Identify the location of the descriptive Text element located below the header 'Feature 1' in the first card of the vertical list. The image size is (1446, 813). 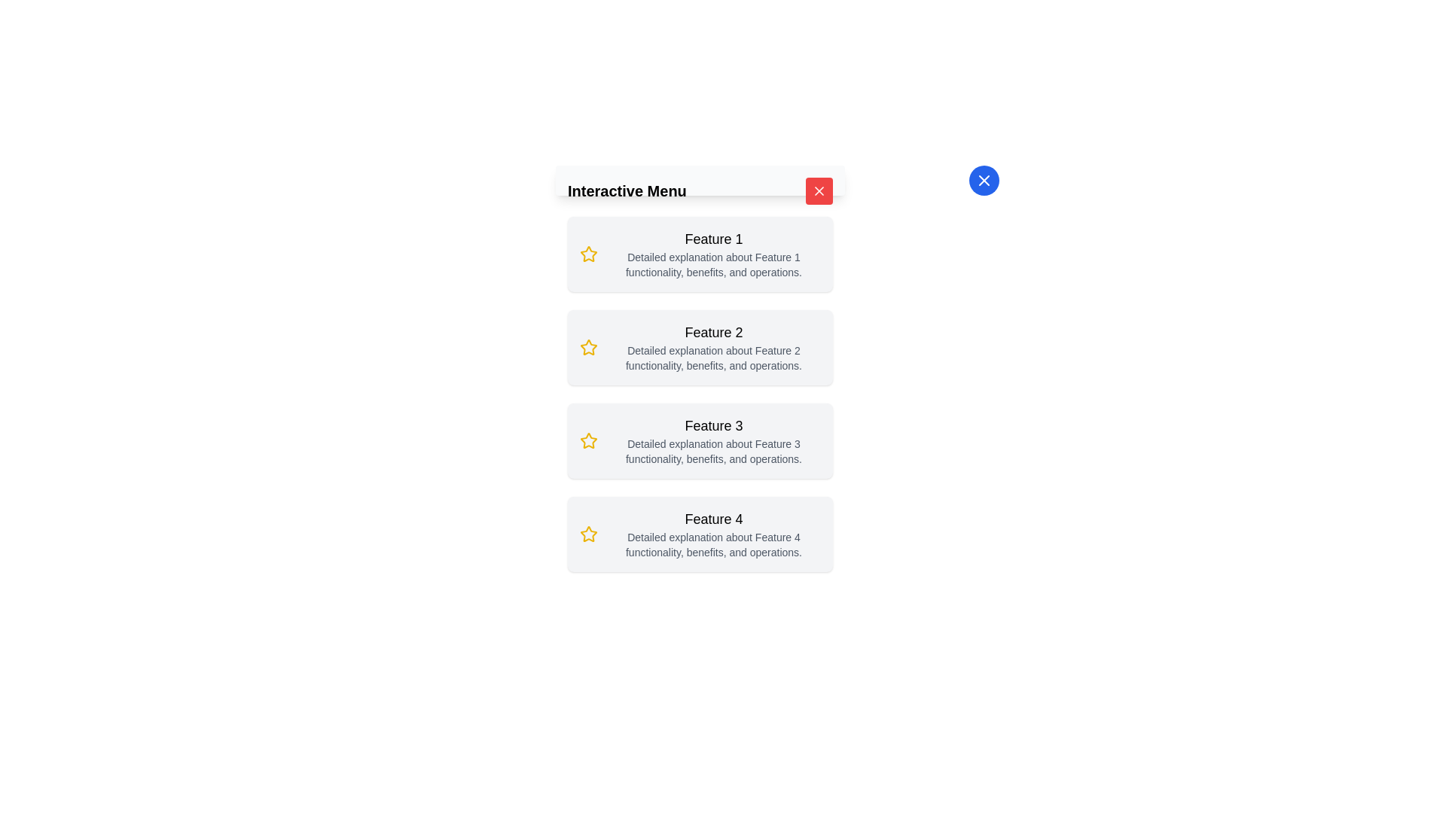
(713, 263).